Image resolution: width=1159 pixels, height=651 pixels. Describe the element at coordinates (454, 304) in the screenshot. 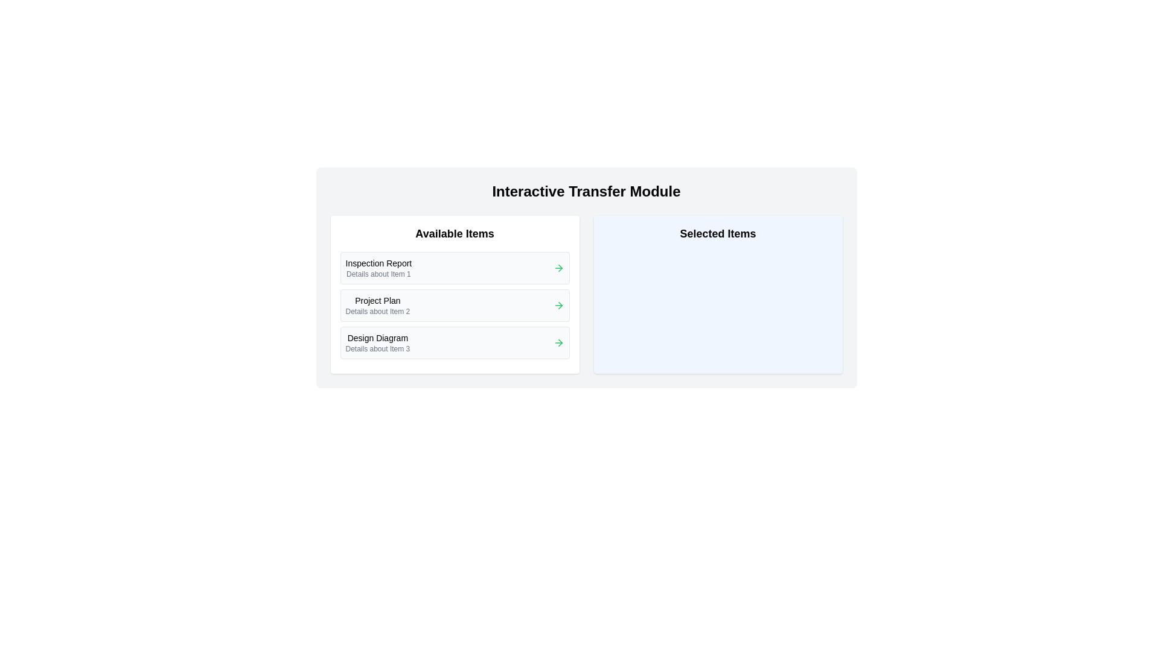

I see `the green arrow on the 'Project Plan' list item which has the subtitle 'Details about Item 2'` at that location.